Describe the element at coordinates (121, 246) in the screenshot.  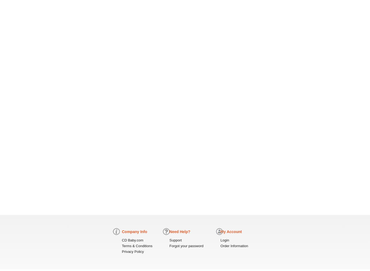
I see `'Terms & Conditions'` at that location.